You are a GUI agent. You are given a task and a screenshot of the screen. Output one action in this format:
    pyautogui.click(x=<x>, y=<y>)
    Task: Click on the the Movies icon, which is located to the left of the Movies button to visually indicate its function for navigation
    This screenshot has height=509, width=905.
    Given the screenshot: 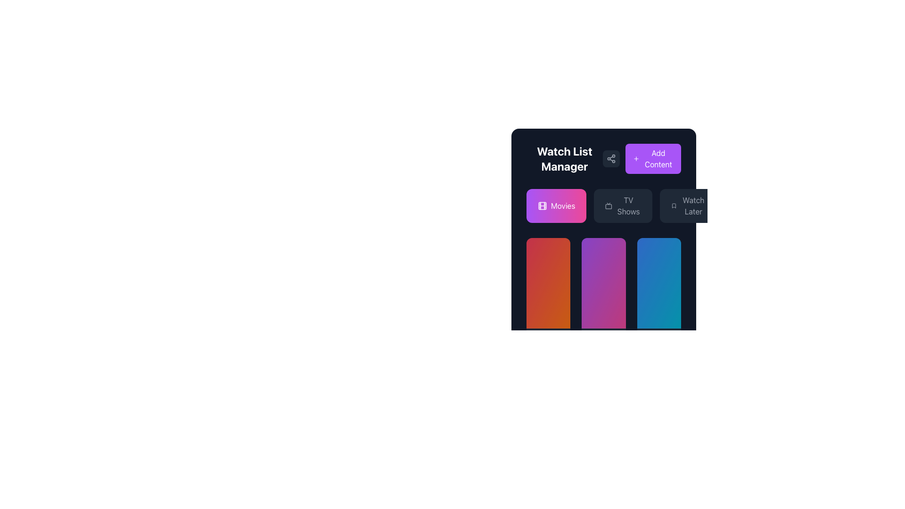 What is the action you would take?
    pyautogui.click(x=543, y=205)
    